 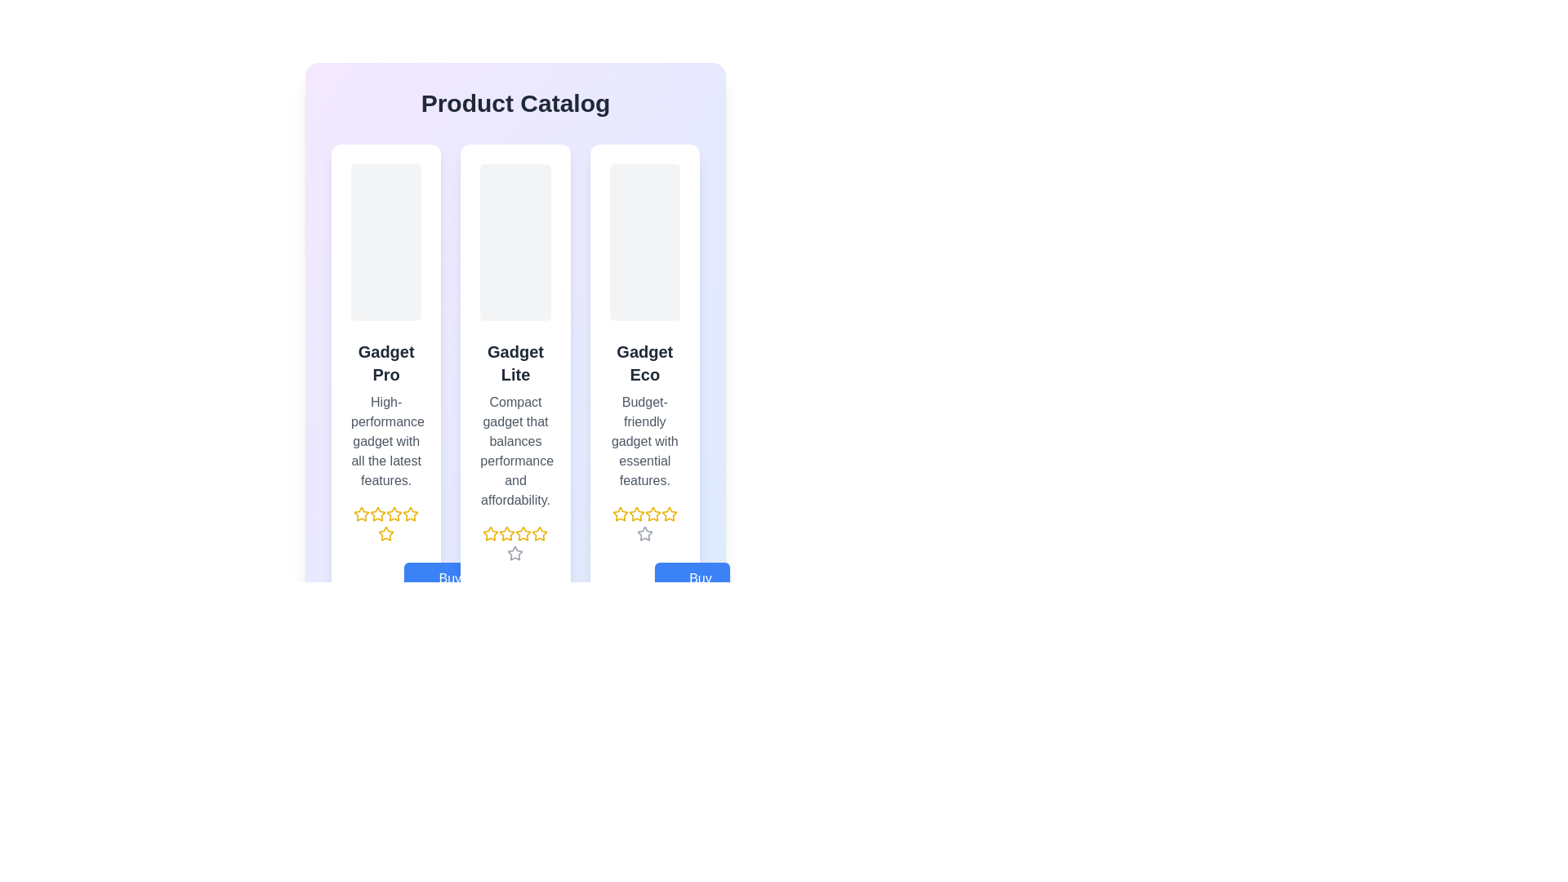 What do you see at coordinates (490, 533) in the screenshot?
I see `the third rating star icon located below the 'Gadget Lite' product description` at bounding box center [490, 533].